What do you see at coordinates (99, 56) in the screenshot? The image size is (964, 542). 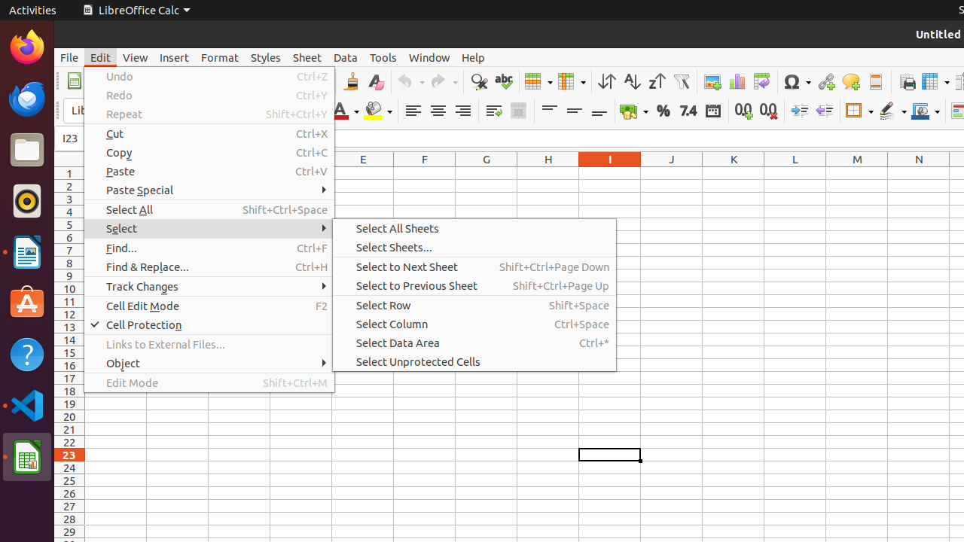 I see `'Edit'` at bounding box center [99, 56].